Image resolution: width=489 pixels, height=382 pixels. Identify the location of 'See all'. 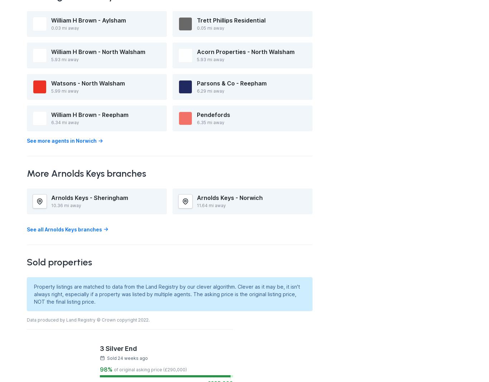
(35, 229).